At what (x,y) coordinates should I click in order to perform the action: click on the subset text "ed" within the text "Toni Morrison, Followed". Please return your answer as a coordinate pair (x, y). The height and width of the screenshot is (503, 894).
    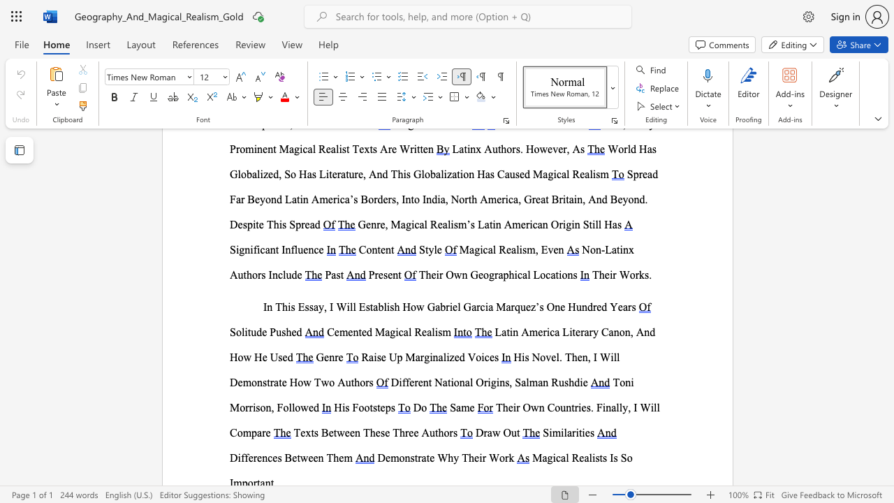
    Looking at the image, I should click on (307, 407).